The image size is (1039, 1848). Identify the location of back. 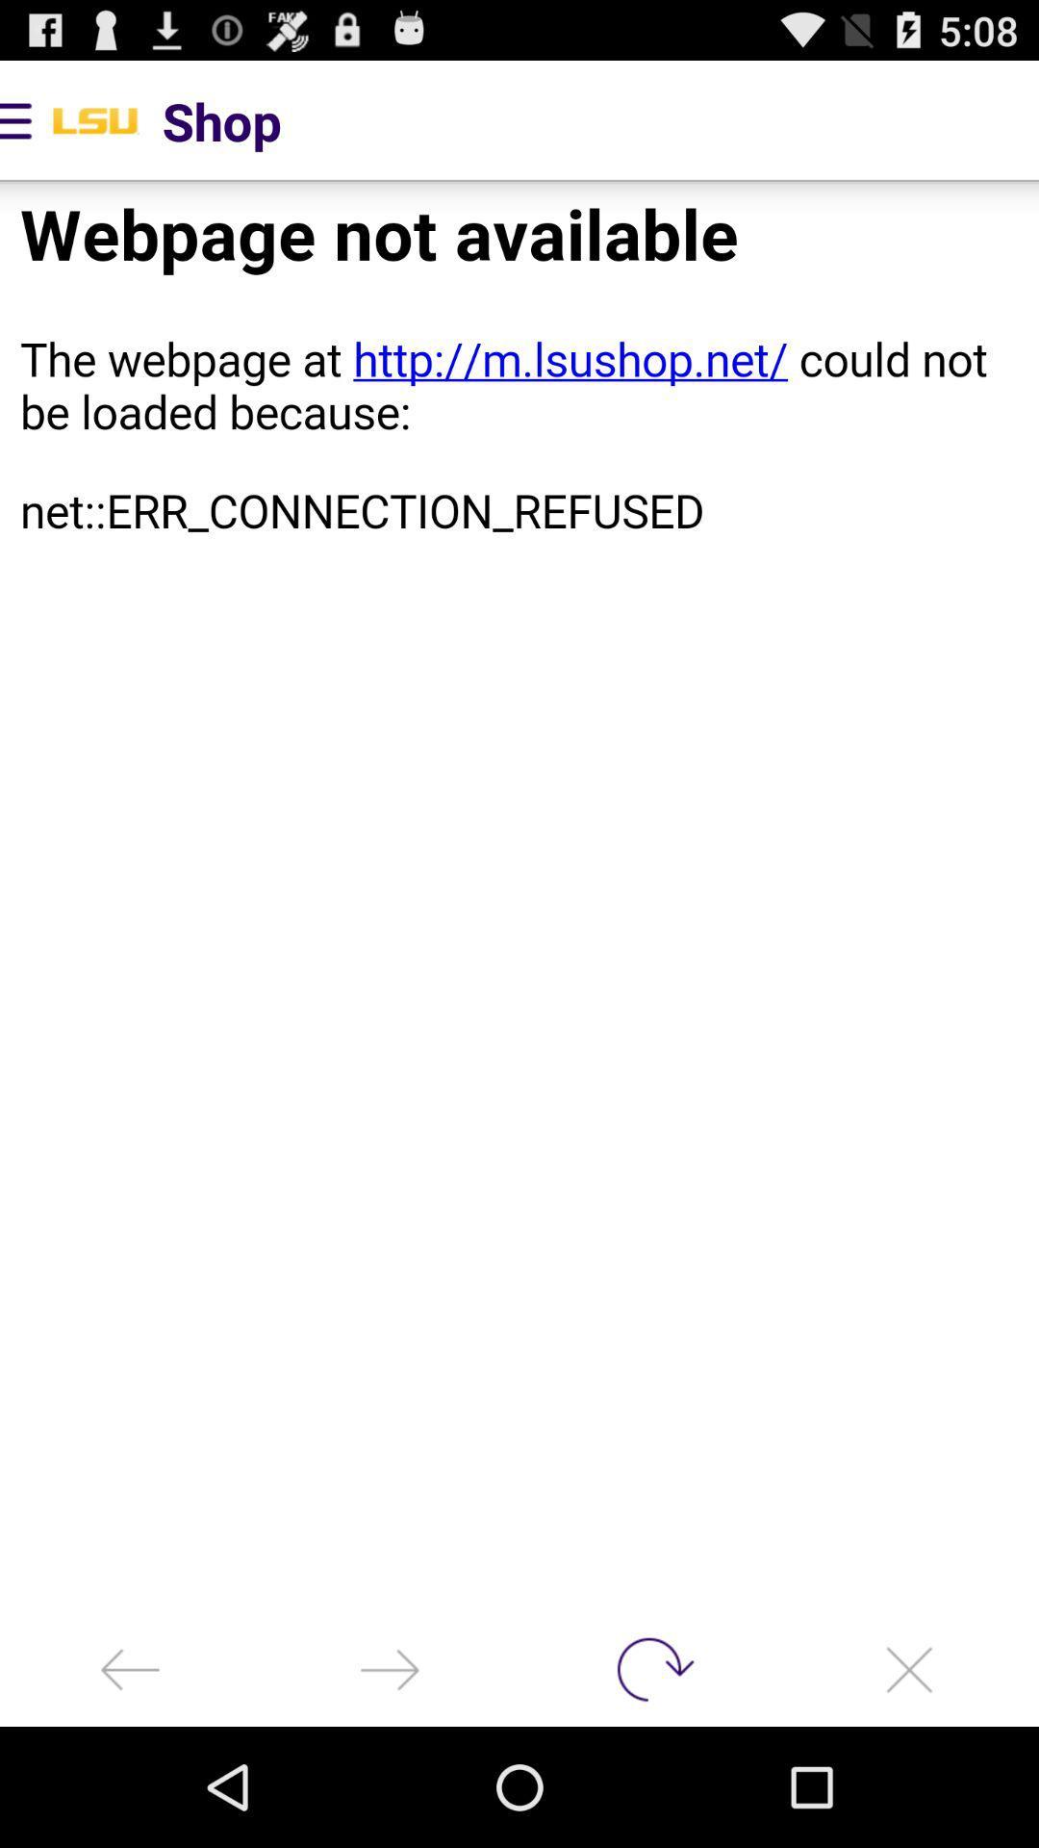
(130, 1668).